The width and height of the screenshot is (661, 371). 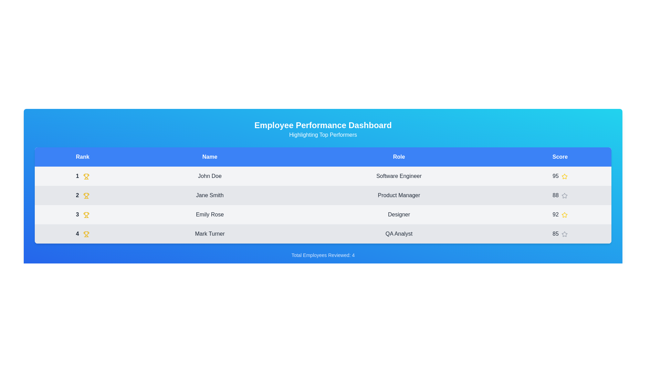 What do you see at coordinates (564, 195) in the screenshot?
I see `the star icon to rate the employee with 2 stars` at bounding box center [564, 195].